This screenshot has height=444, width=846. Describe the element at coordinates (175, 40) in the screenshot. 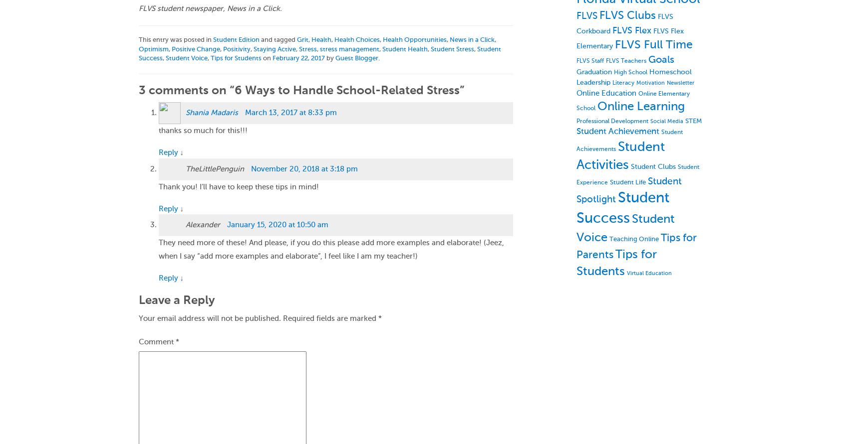

I see `'This entry was posted in'` at that location.